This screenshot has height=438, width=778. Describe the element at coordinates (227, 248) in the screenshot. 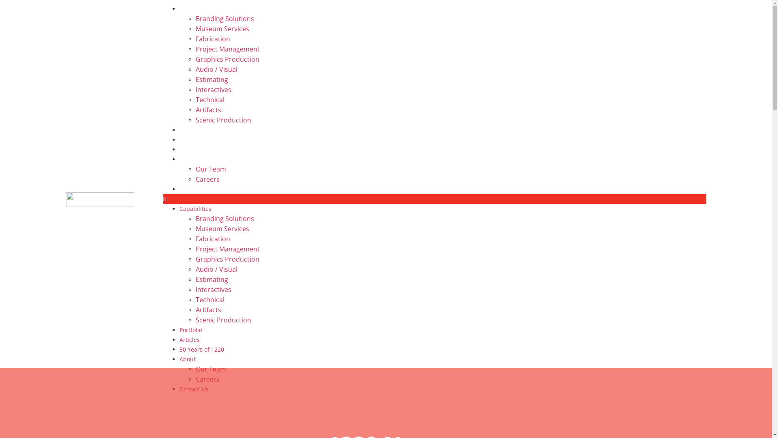

I see `'Project Management'` at that location.